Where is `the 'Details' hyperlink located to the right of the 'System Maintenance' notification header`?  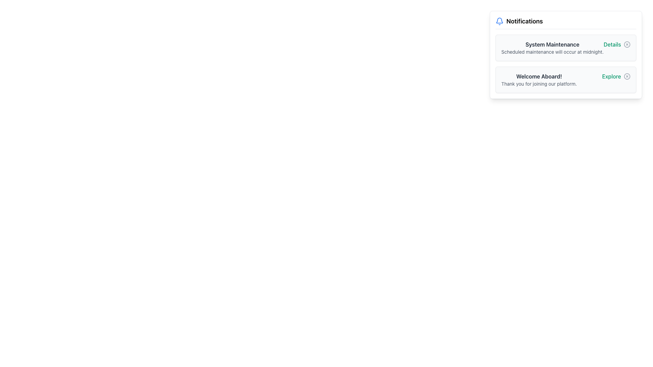 the 'Details' hyperlink located to the right of the 'System Maintenance' notification header is located at coordinates (612, 45).